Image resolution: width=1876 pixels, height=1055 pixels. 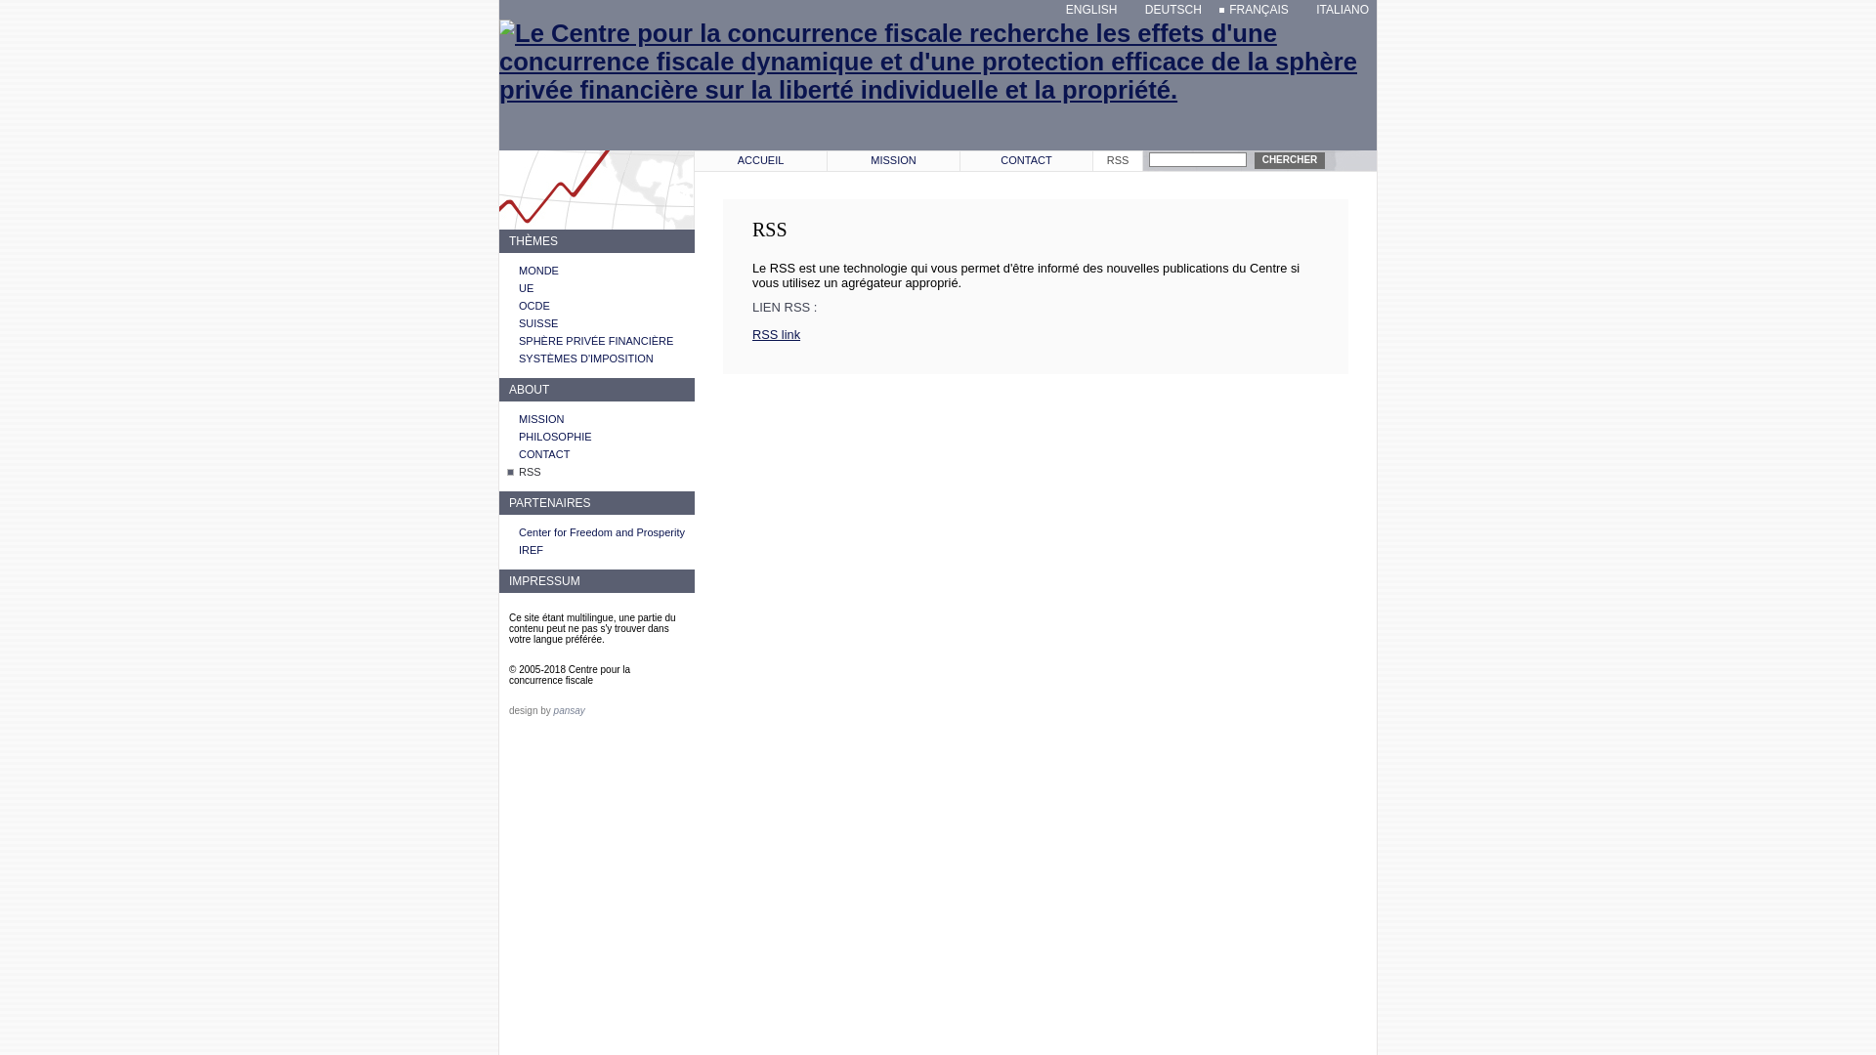 What do you see at coordinates (1086, 10) in the screenshot?
I see `'ENGLISH'` at bounding box center [1086, 10].